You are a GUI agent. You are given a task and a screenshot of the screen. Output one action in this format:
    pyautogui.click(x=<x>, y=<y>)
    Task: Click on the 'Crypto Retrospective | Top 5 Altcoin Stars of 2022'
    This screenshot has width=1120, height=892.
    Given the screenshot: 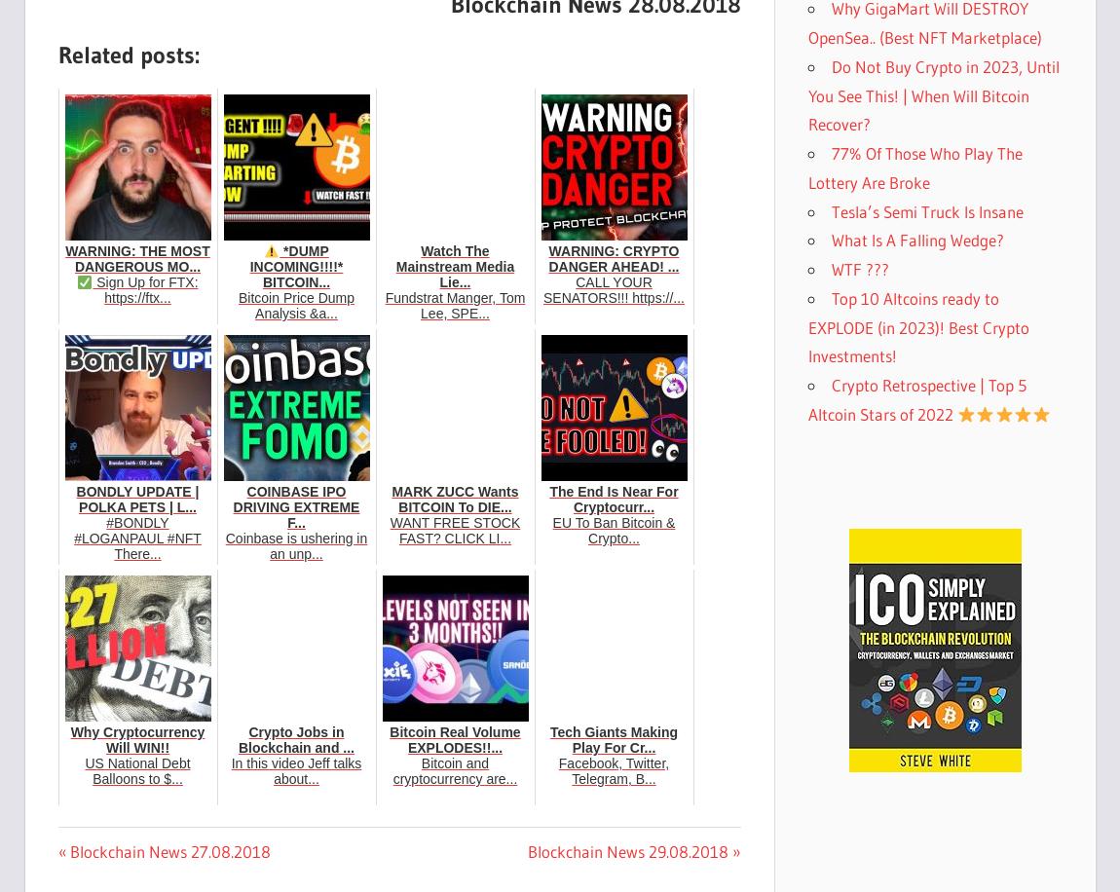 What is the action you would take?
    pyautogui.click(x=916, y=398)
    